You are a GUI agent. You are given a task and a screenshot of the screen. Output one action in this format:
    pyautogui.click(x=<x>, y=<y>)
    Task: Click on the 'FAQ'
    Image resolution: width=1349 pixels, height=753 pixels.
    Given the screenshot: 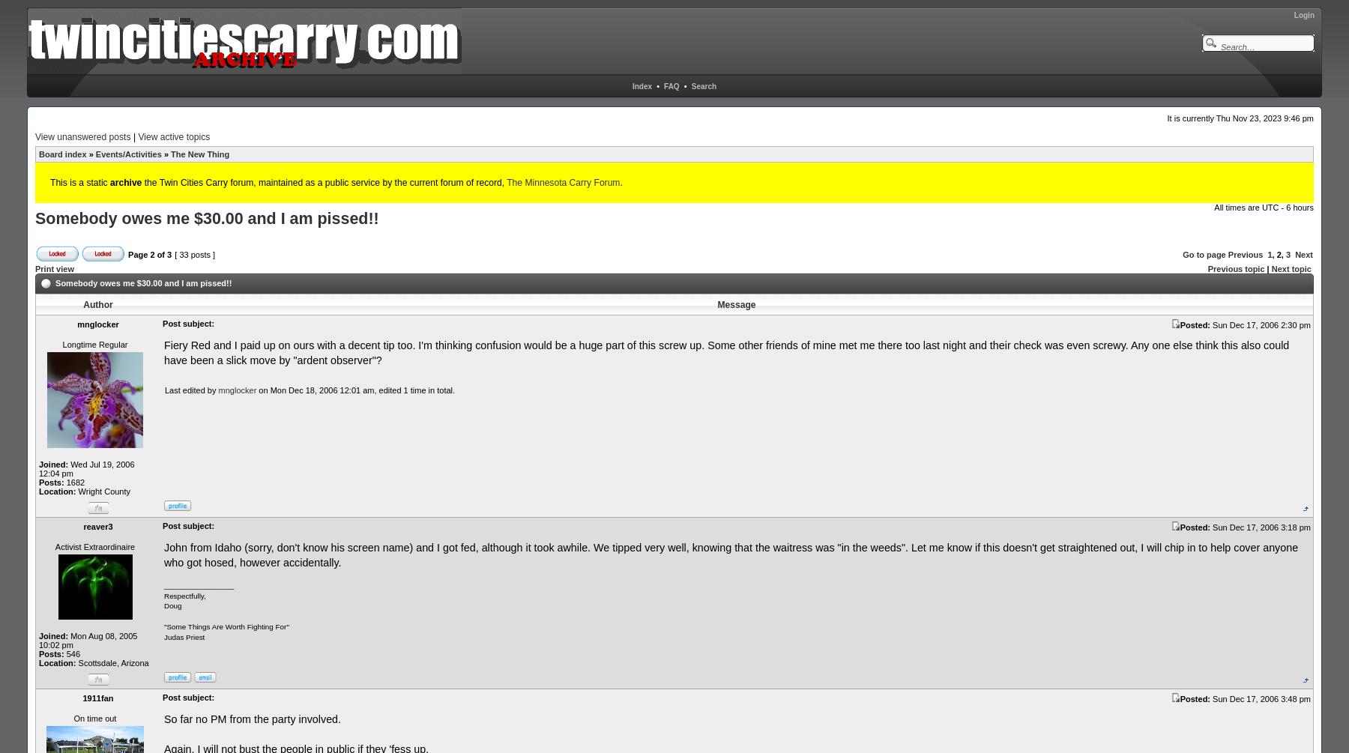 What is the action you would take?
    pyautogui.click(x=672, y=85)
    